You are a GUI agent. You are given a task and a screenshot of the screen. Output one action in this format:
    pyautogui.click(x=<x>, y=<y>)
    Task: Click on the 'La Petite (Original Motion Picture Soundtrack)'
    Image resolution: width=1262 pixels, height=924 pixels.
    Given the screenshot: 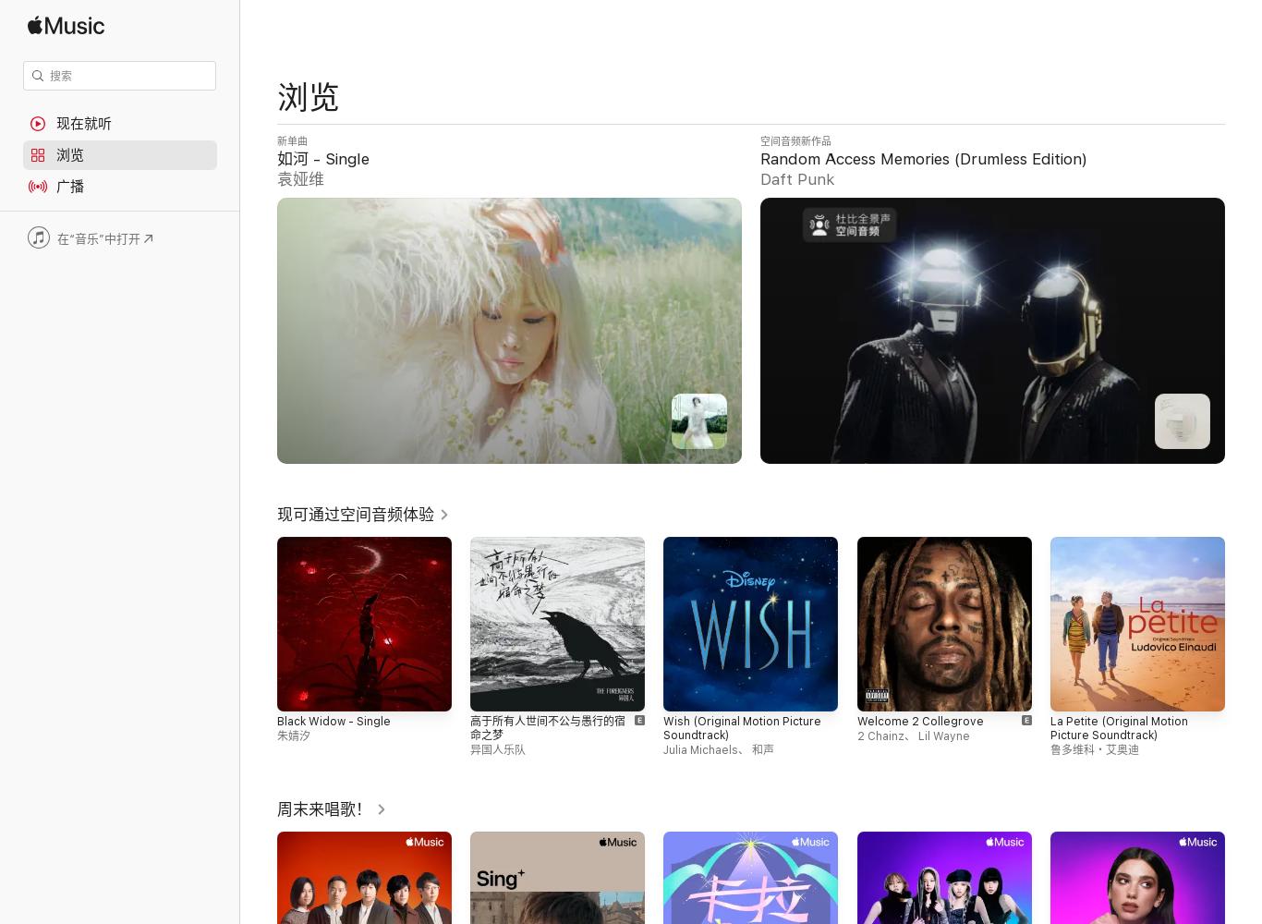 What is the action you would take?
    pyautogui.click(x=1118, y=728)
    